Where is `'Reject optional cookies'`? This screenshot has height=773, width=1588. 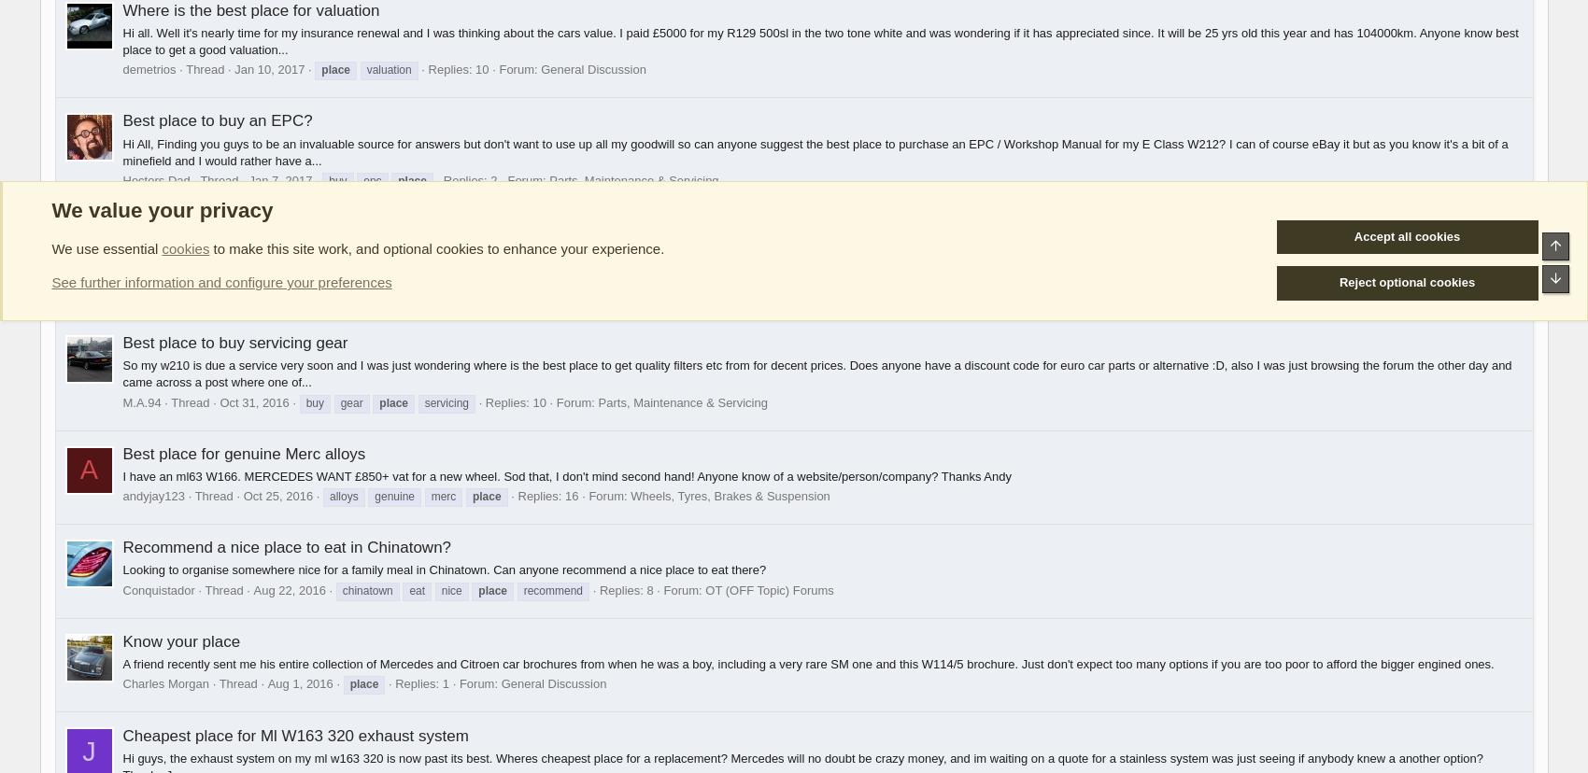 'Reject optional cookies' is located at coordinates (1407, 282).